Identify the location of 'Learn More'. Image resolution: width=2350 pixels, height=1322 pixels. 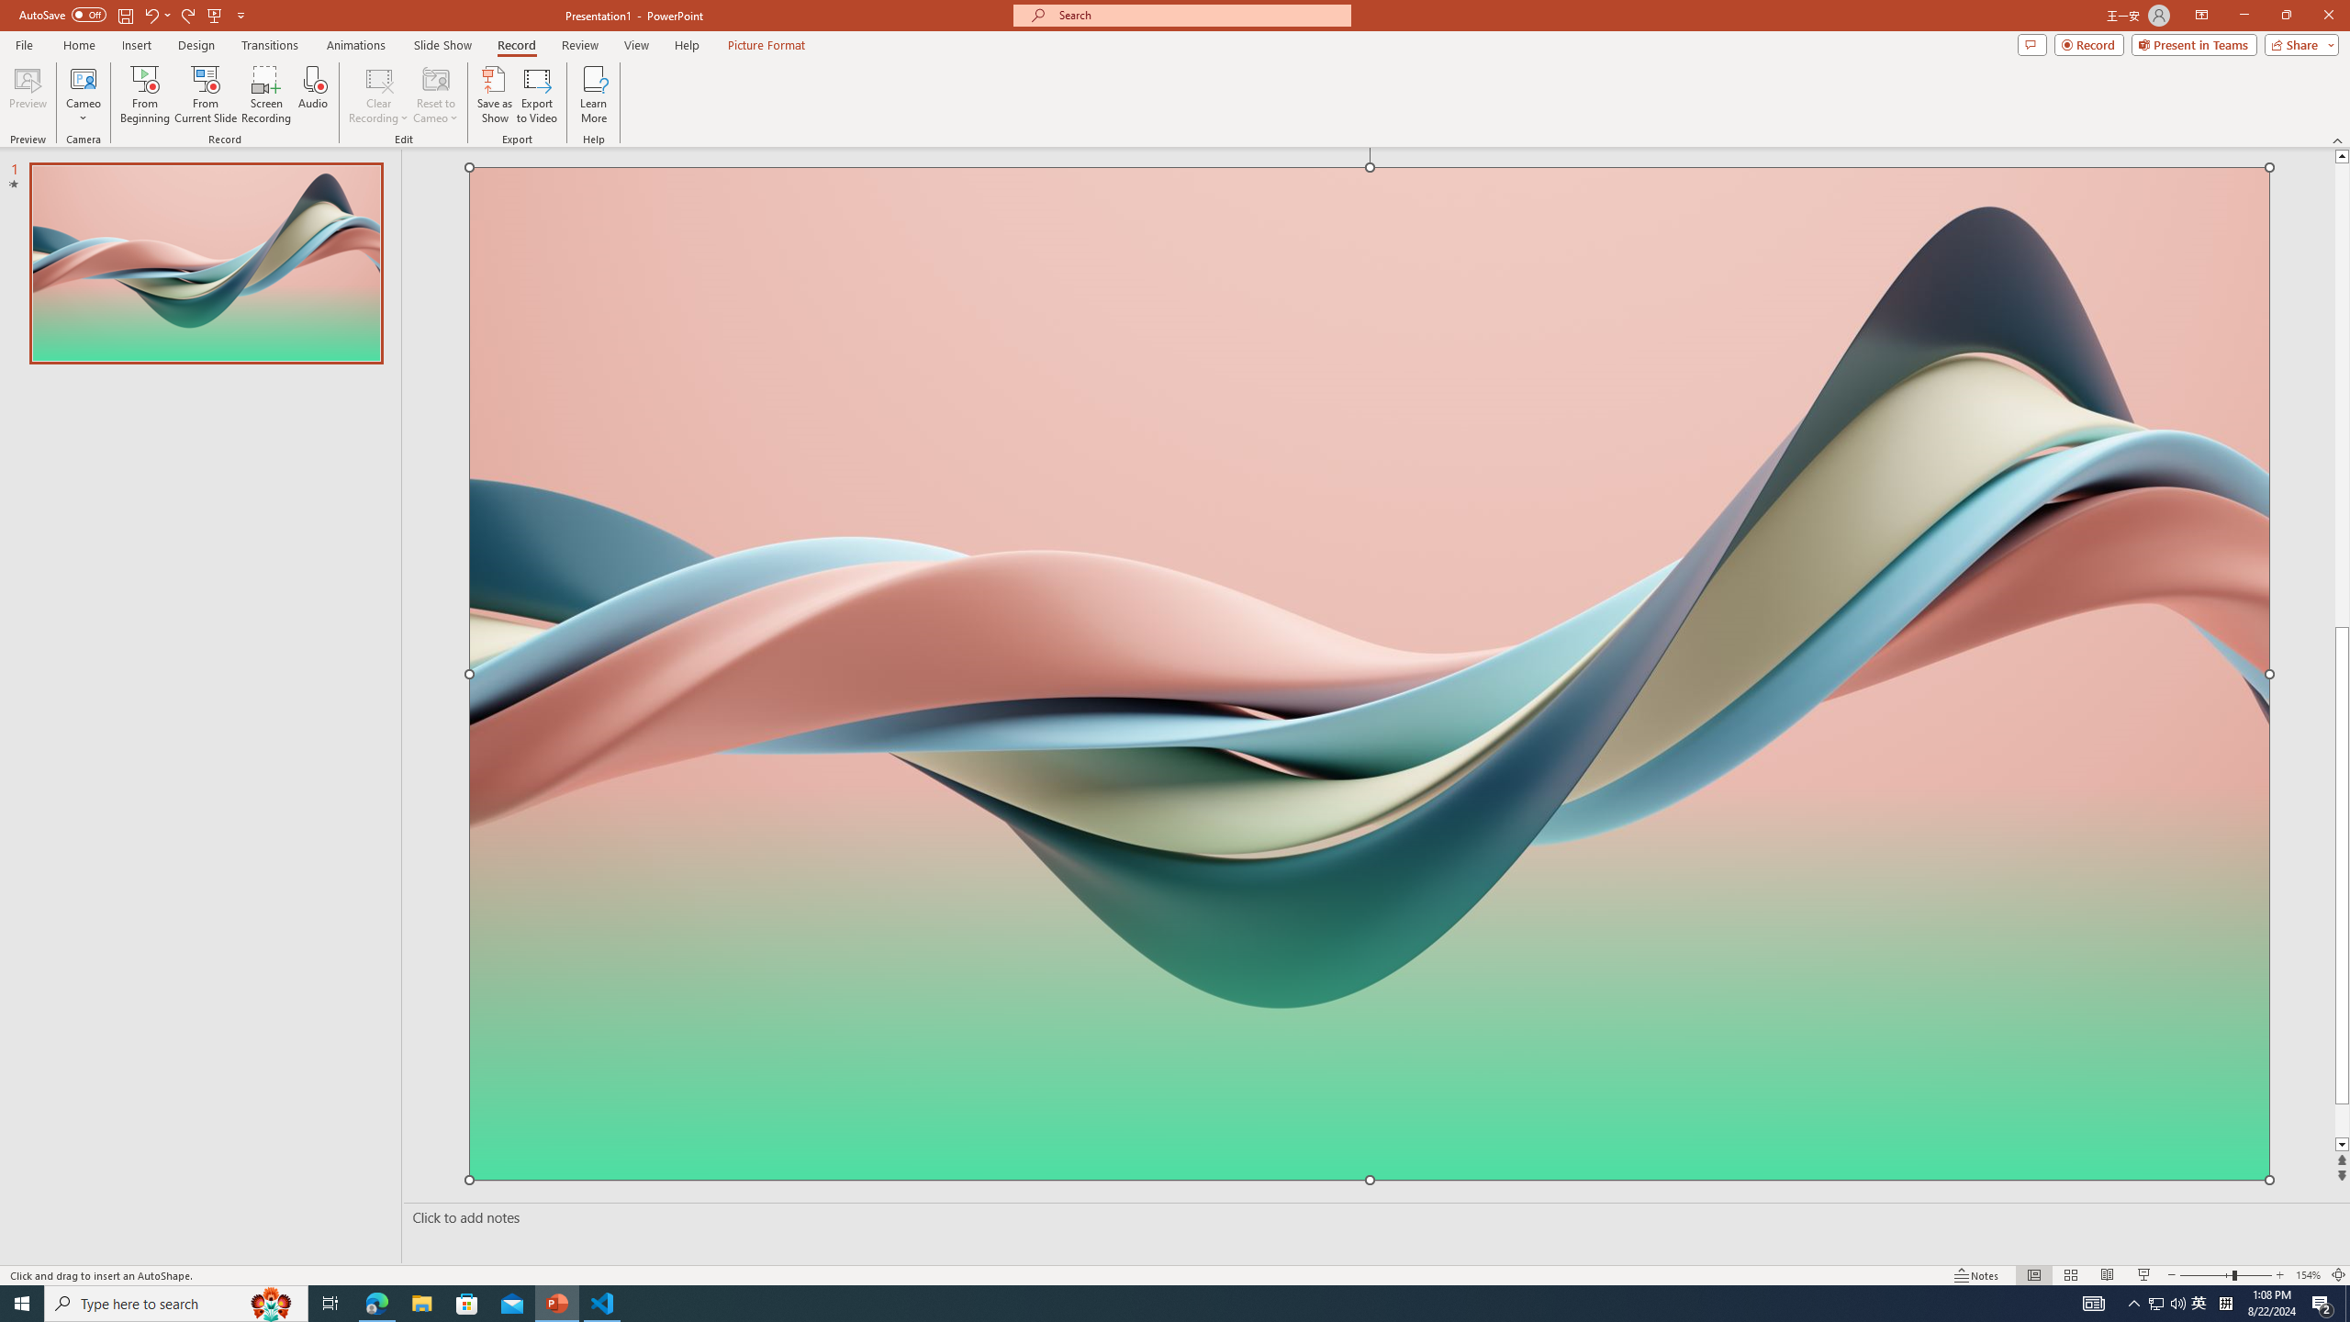
(594, 95).